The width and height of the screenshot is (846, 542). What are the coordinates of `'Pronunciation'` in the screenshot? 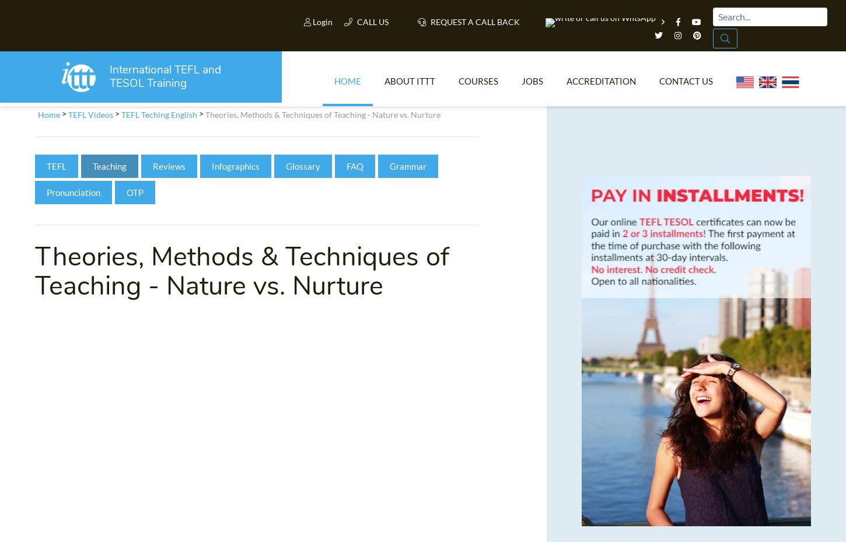 It's located at (73, 197).